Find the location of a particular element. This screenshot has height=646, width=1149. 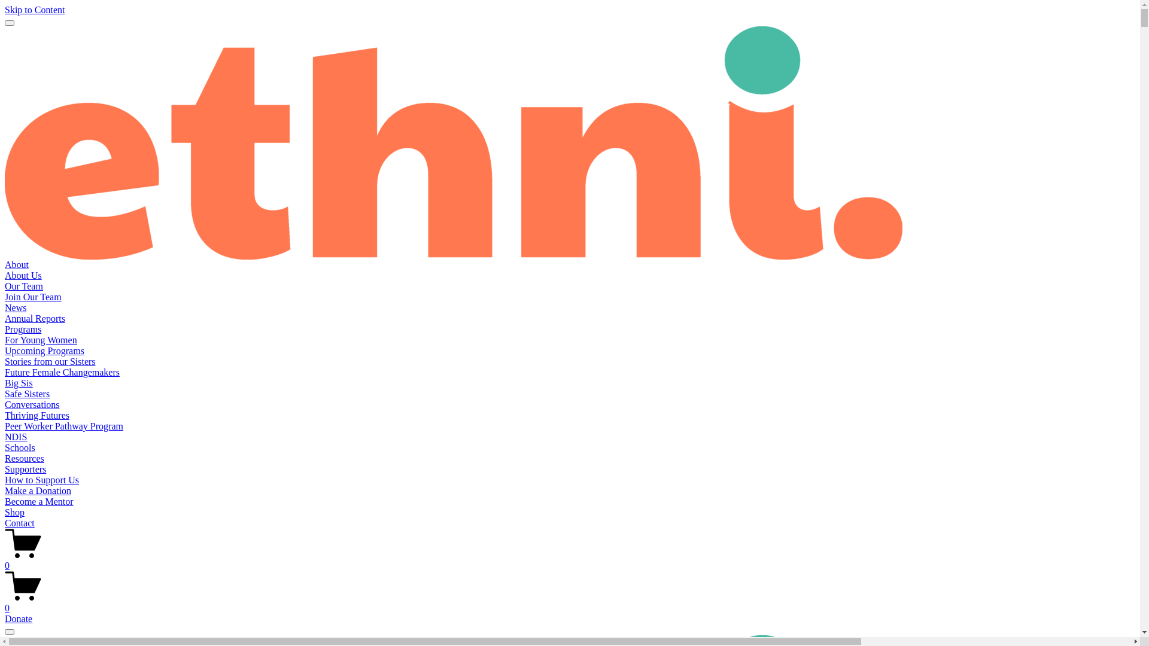

'Thriving Futures' is located at coordinates (37, 415).